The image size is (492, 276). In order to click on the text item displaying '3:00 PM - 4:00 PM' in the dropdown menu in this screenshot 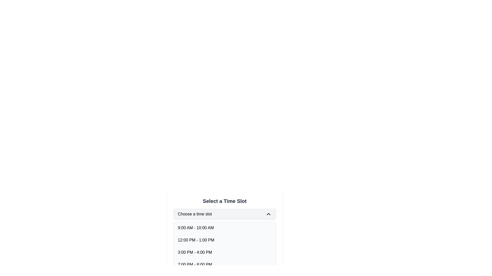, I will do `click(194, 252)`.